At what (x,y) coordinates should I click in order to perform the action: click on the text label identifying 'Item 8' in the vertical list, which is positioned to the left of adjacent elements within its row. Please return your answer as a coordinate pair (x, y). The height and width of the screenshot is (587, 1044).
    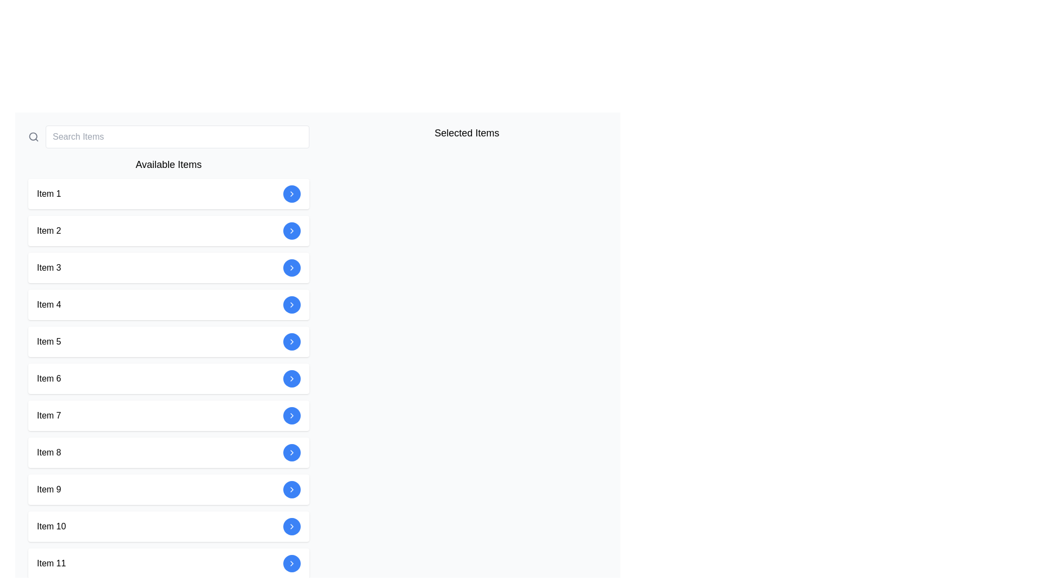
    Looking at the image, I should click on (48, 453).